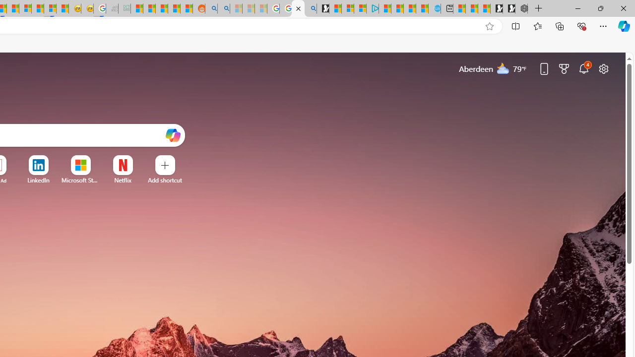 The width and height of the screenshot is (635, 357). Describe the element at coordinates (223, 8) in the screenshot. I see `'Utah sues federal government - Search'` at that location.